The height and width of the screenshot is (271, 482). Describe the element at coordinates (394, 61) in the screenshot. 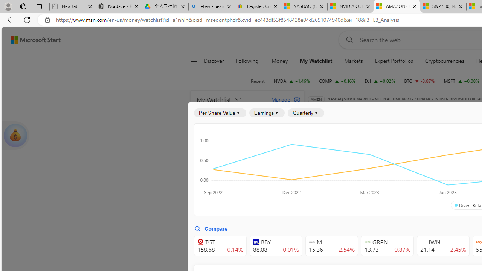

I see `'Expert Portfolios'` at that location.